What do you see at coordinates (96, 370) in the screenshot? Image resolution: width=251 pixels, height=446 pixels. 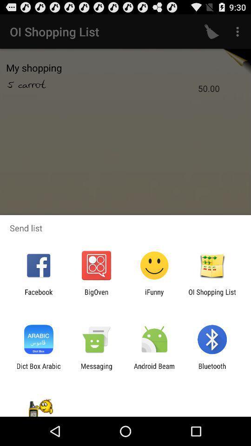 I see `icon to the right of dict box arabic item` at bounding box center [96, 370].